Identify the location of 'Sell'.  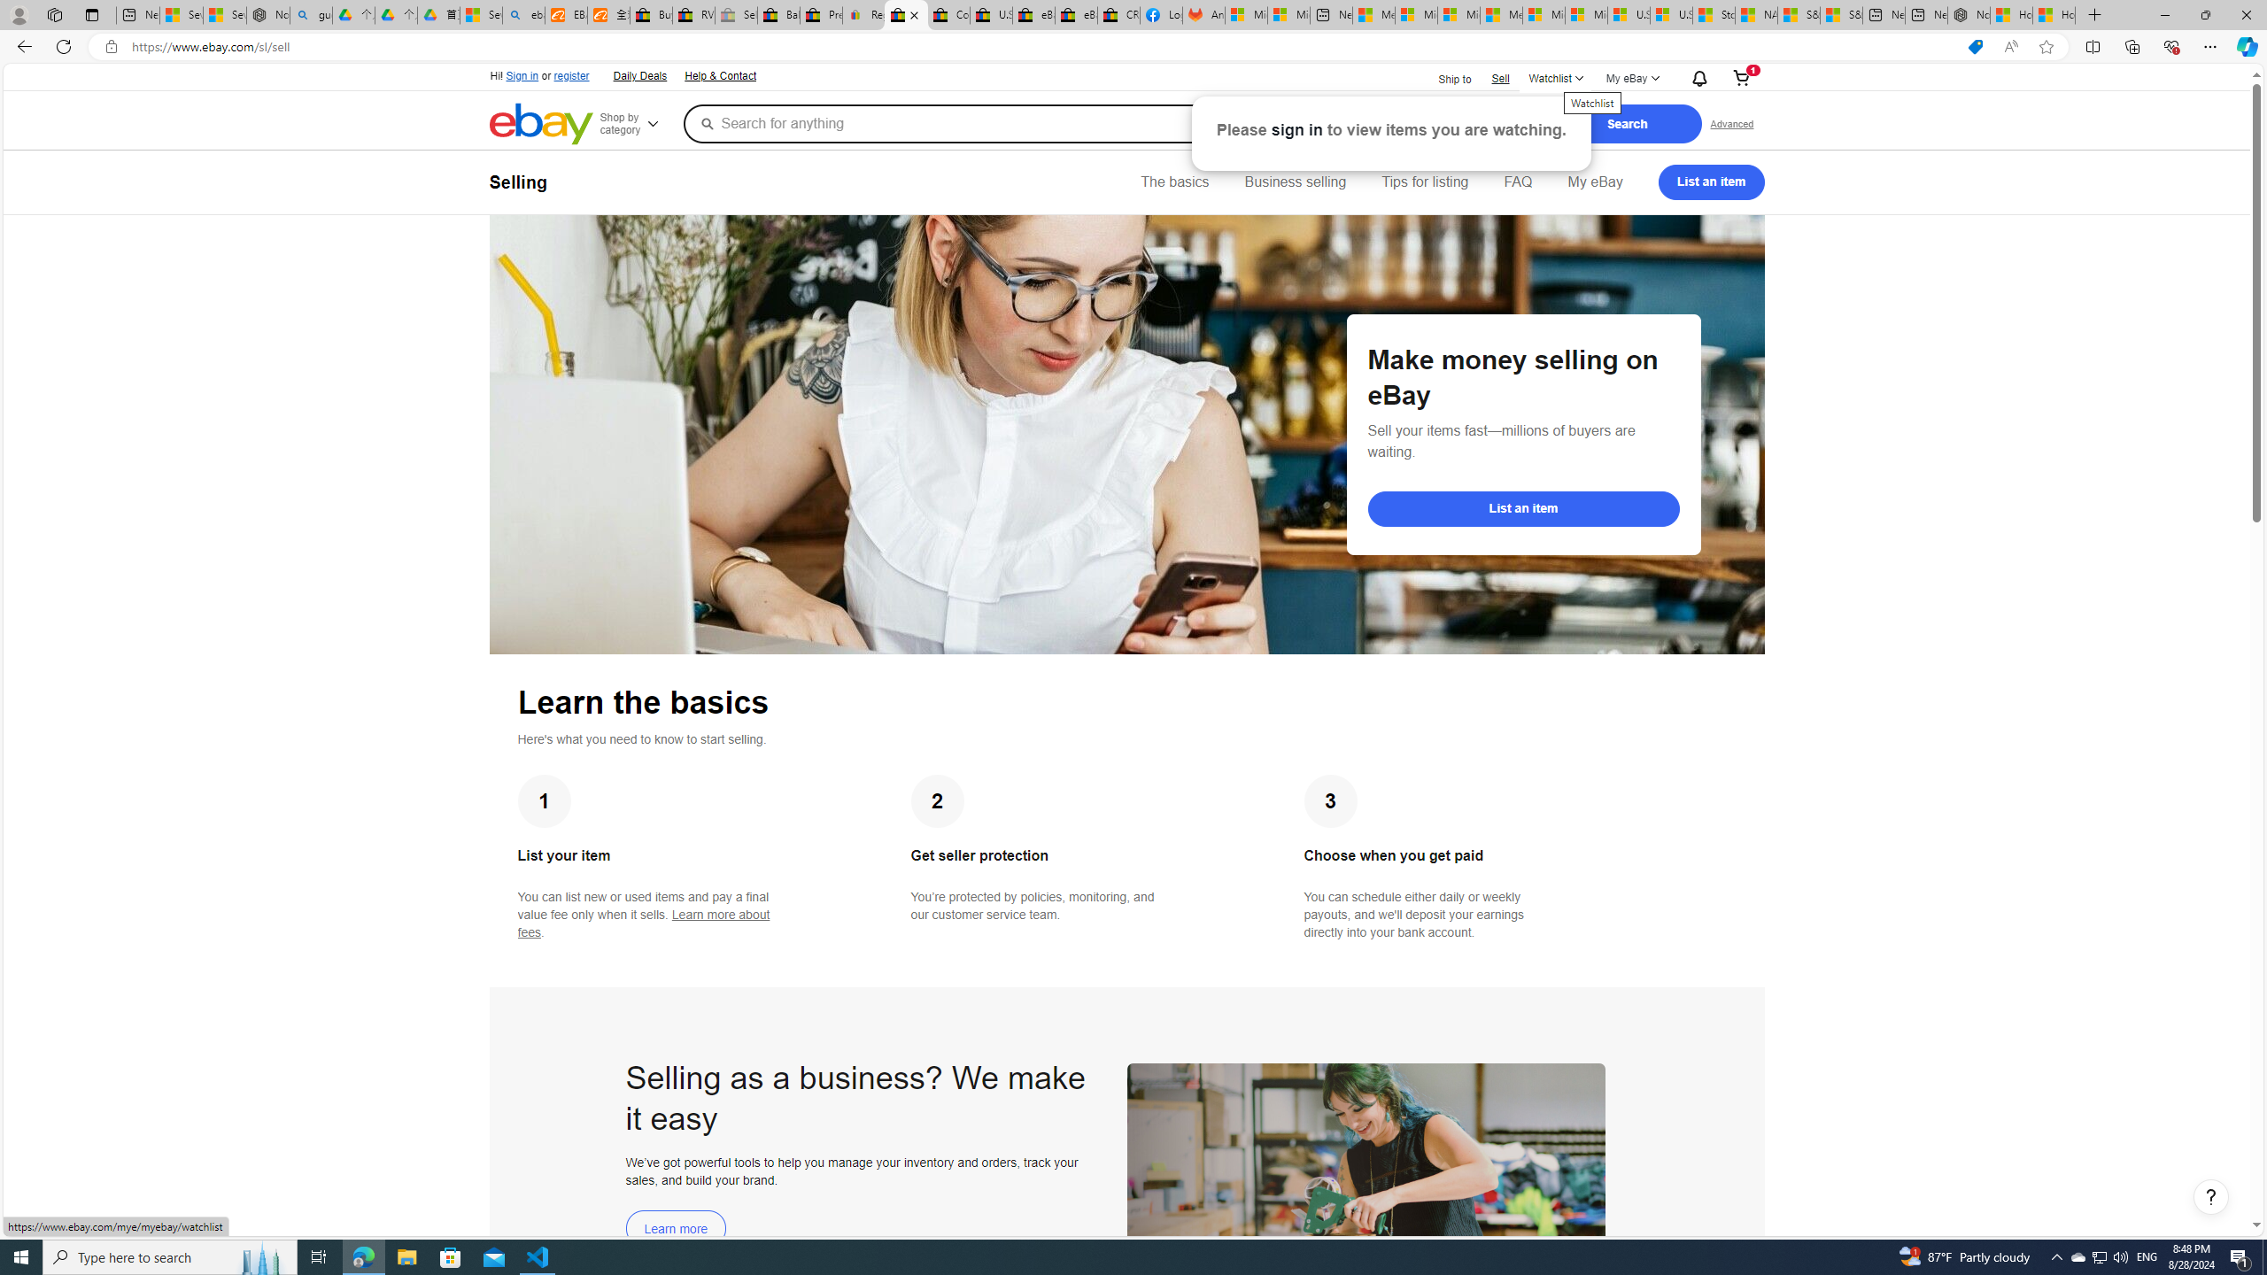
(1499, 78).